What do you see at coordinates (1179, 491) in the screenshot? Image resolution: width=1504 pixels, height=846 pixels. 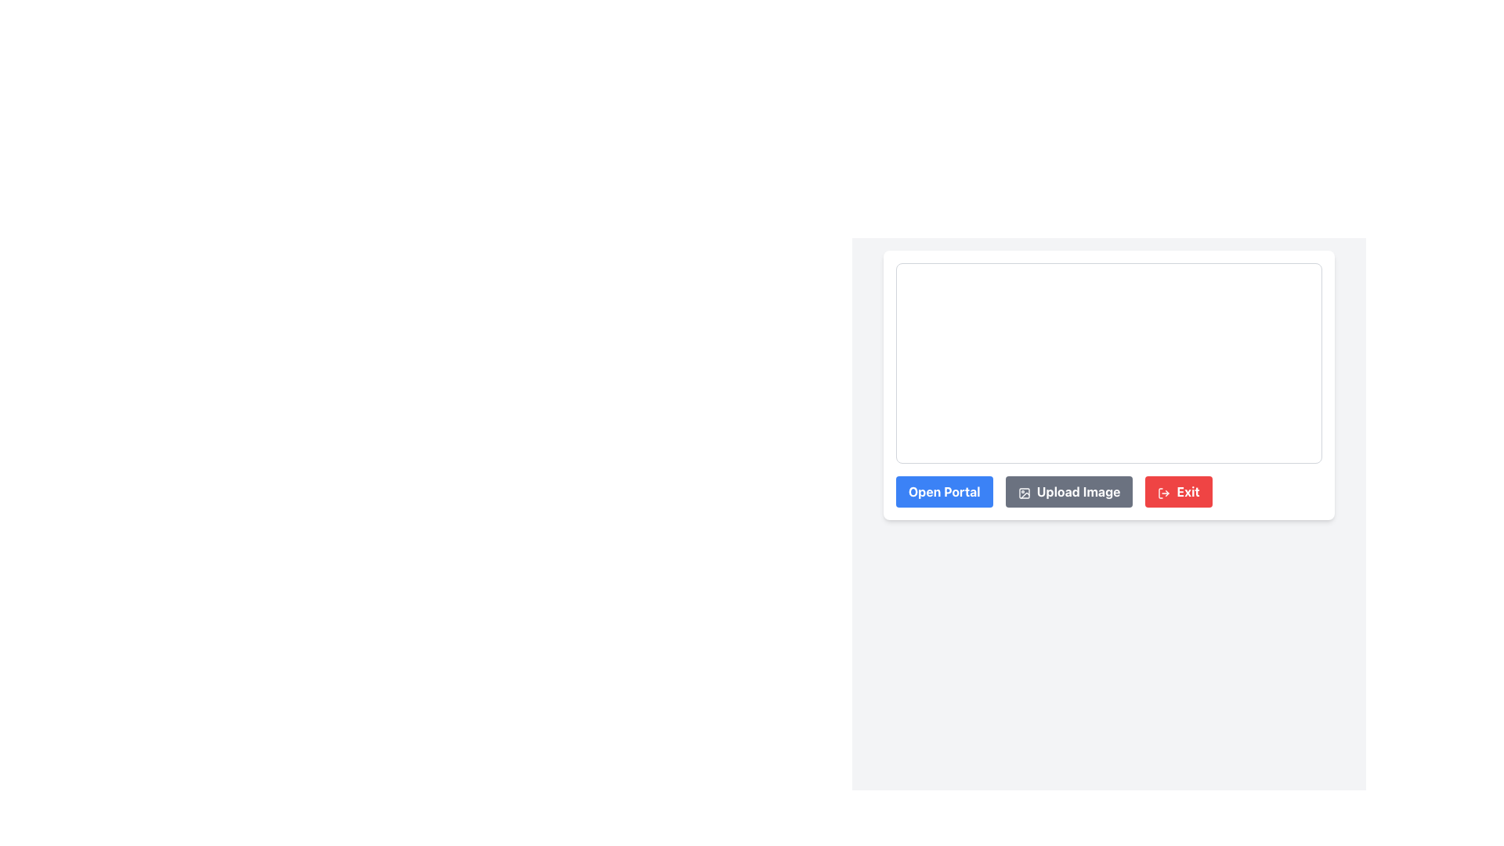 I see `the 'Exit' button, which is a rectangular button with a bold red background and rounded corners, using keyboard navigation for accessibility` at bounding box center [1179, 491].